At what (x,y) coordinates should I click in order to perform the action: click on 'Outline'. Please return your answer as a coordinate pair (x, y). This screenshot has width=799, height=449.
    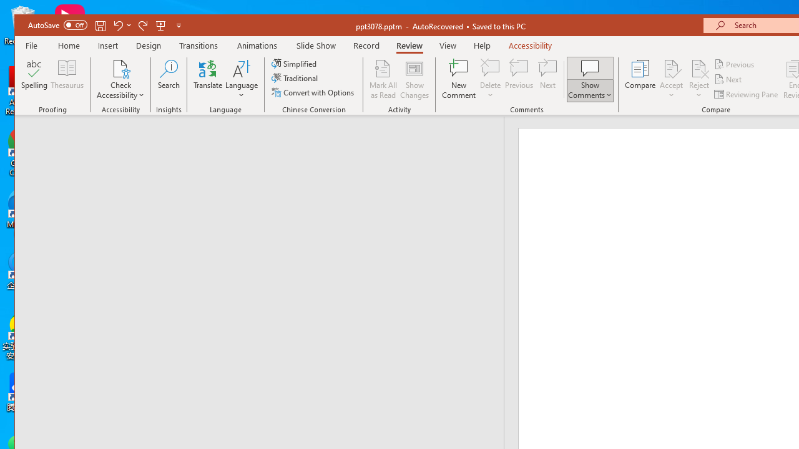
    Looking at the image, I should click on (264, 140).